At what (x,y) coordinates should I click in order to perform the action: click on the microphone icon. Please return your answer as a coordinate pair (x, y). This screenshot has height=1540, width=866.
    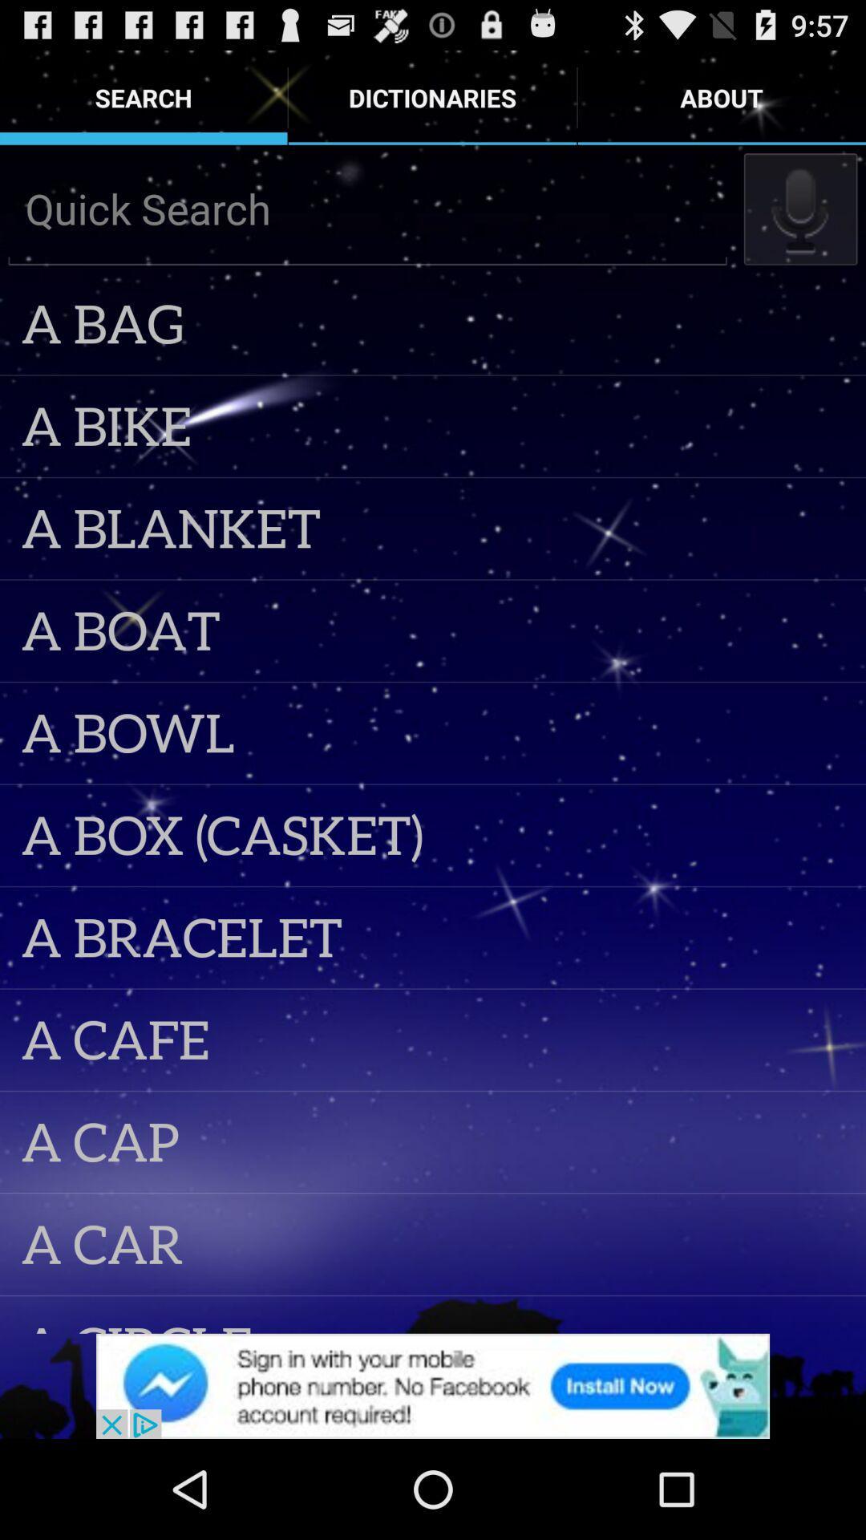
    Looking at the image, I should click on (800, 223).